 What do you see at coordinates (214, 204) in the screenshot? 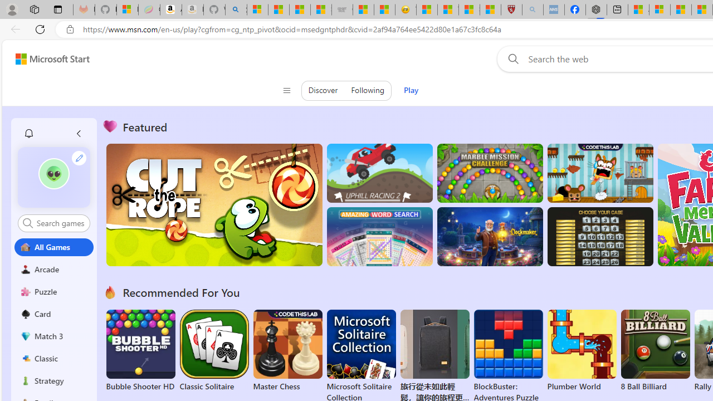
I see `'Cut the Rope'` at bounding box center [214, 204].